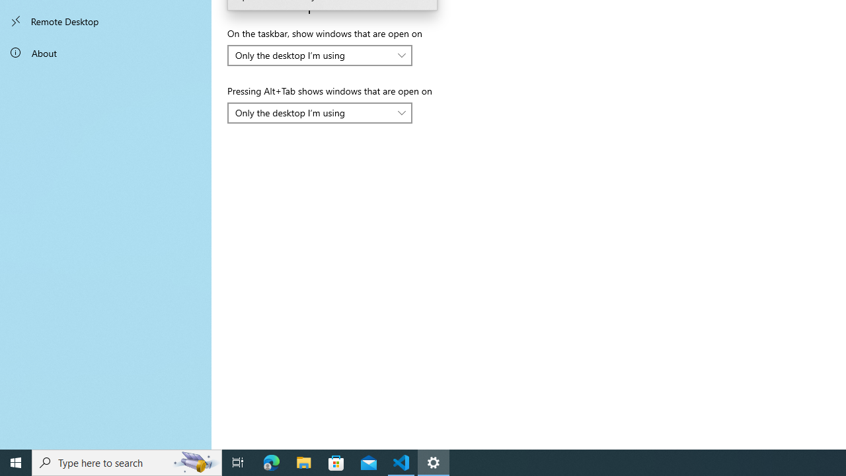  What do you see at coordinates (434, 461) in the screenshot?
I see `'Settings - 1 running window'` at bounding box center [434, 461].